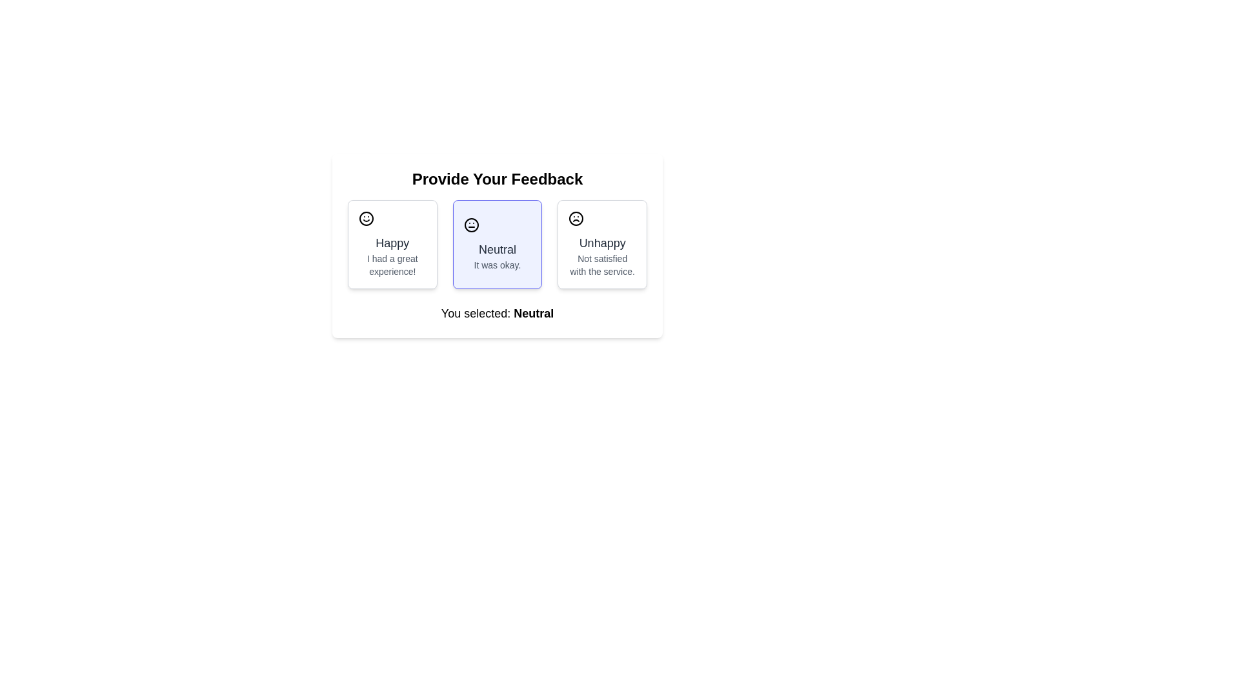 The height and width of the screenshot is (697, 1239). What do you see at coordinates (601, 243) in the screenshot?
I see `the 'Unhappy' feedback option text label, which is located within a feedback card and is the lower text element directly below the associated icon representation` at bounding box center [601, 243].